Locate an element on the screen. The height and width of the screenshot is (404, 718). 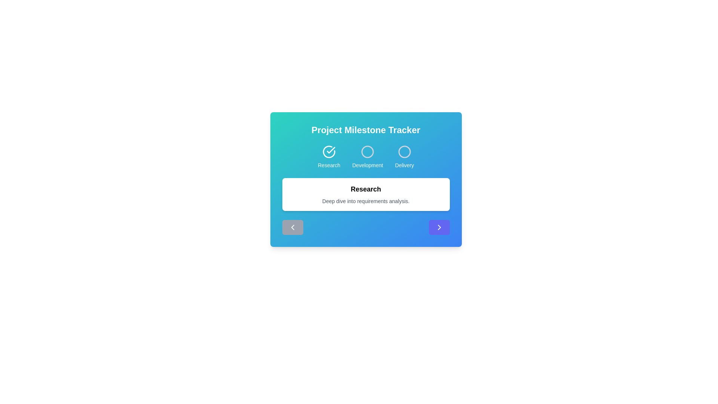
text label displaying 'Delivery' in white color against a blue background, which is positioned below a circular icon in the top-right section of the card interface is located at coordinates (404, 165).